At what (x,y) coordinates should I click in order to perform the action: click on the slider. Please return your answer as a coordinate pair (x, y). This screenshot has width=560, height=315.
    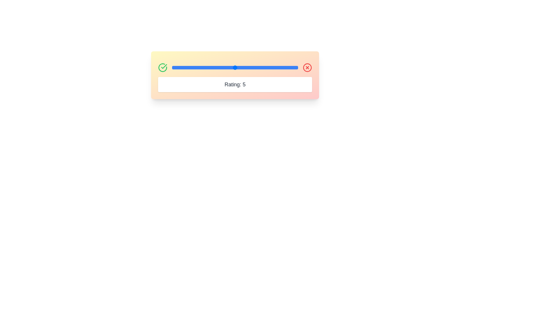
    Looking at the image, I should click on (248, 67).